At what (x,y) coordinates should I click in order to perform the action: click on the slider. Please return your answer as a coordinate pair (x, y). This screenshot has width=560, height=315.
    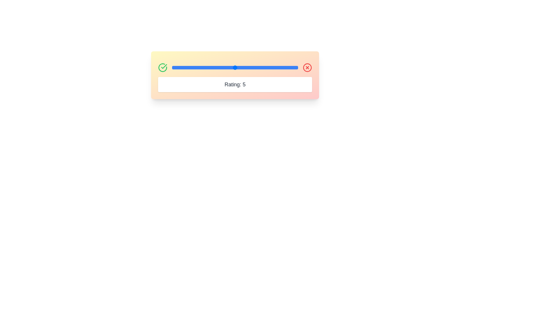
    Looking at the image, I should click on (248, 67).